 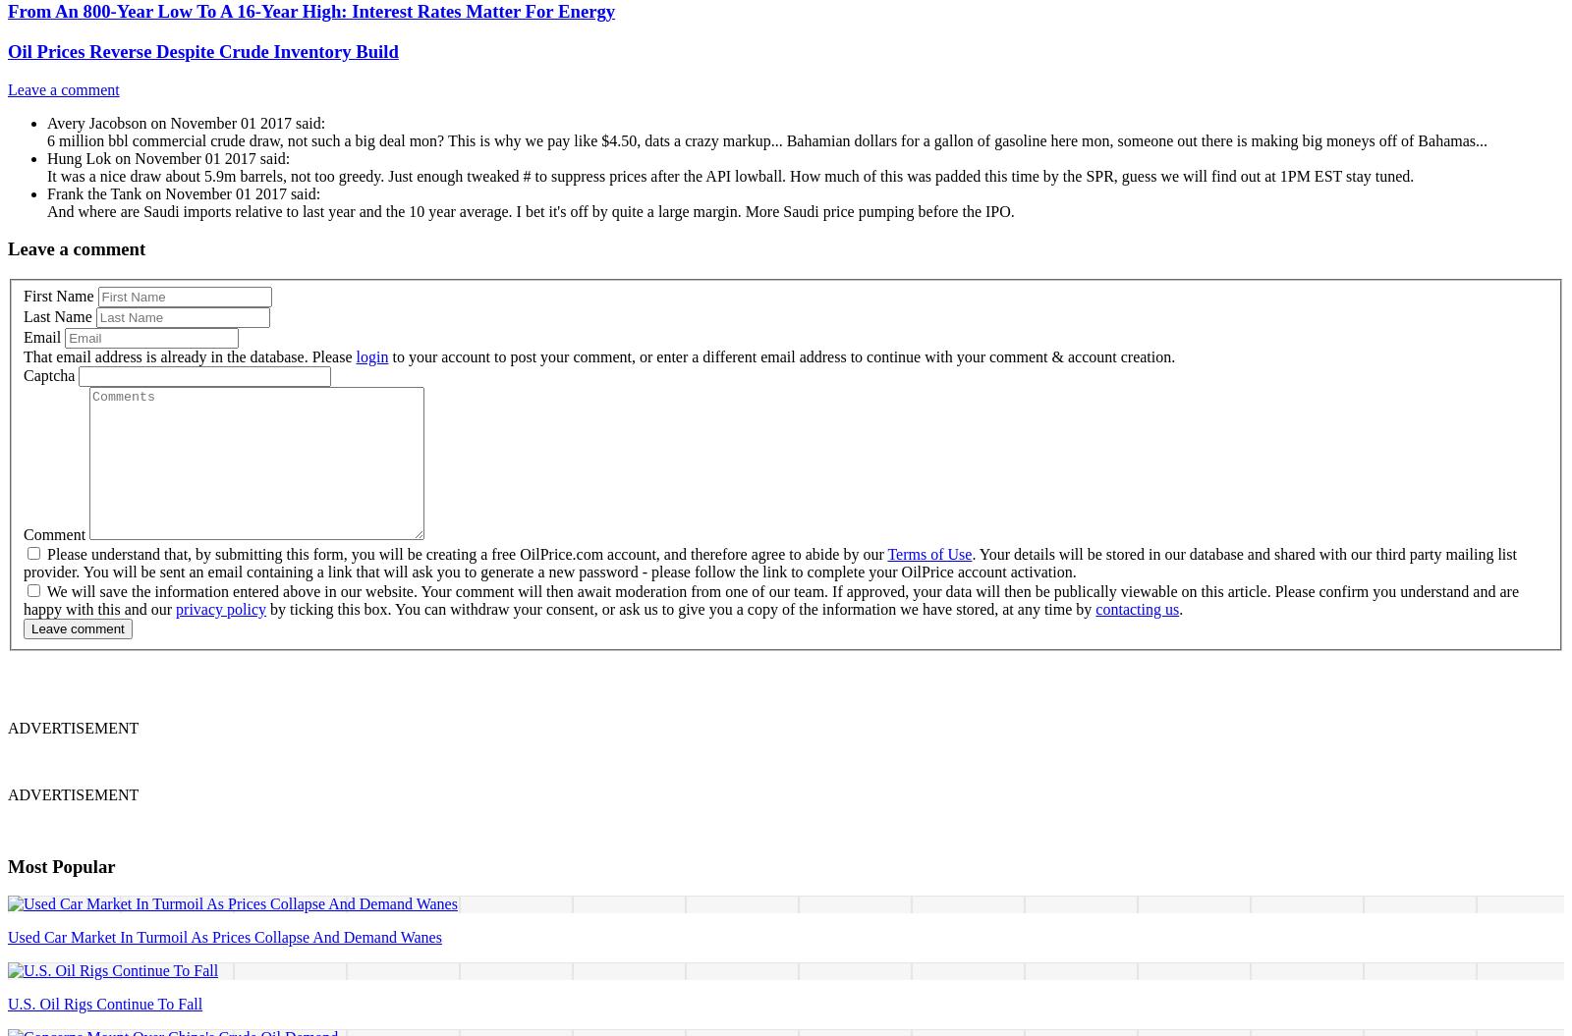 I want to click on 'login', so click(x=371, y=355).